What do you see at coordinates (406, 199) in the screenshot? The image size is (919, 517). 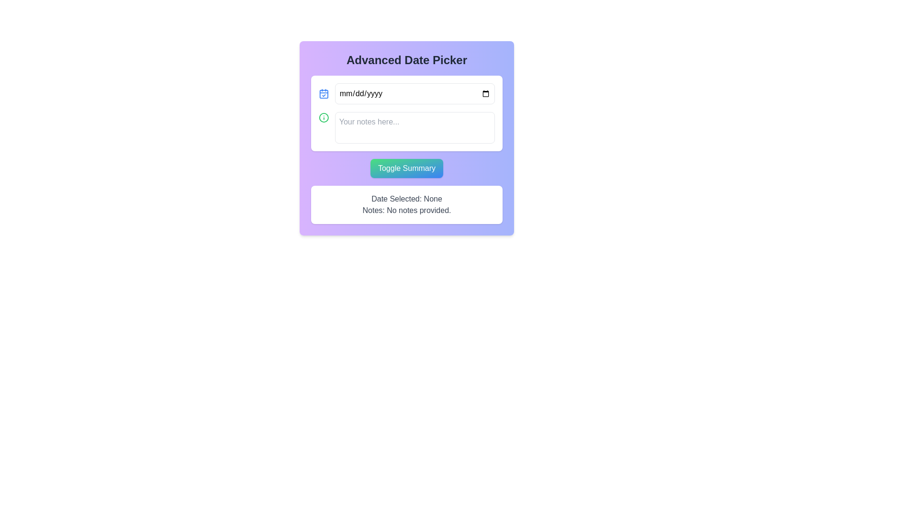 I see `the text label displaying 'Date Selected: None' located near the lower center of the interface` at bounding box center [406, 199].